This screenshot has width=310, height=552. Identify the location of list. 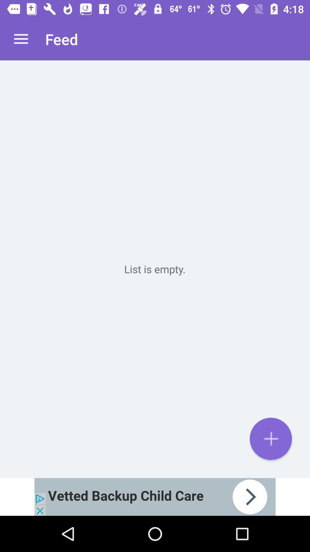
(271, 438).